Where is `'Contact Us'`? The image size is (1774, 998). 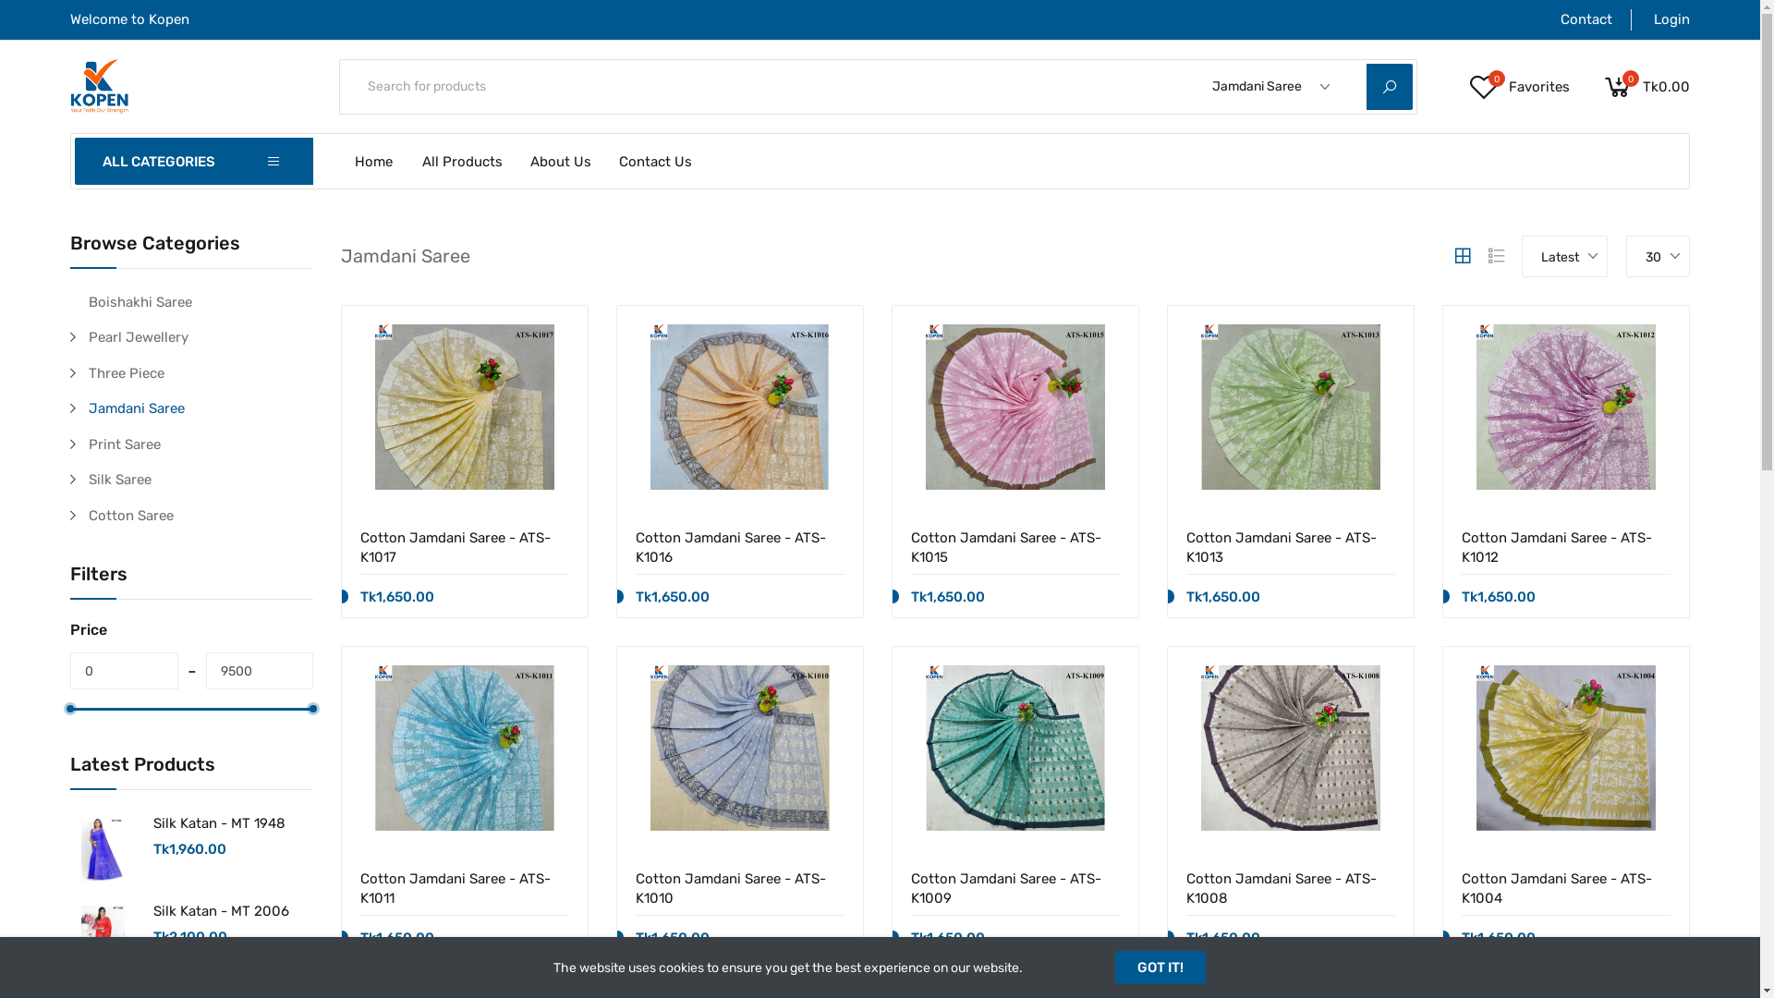
'Contact Us' is located at coordinates (656, 159).